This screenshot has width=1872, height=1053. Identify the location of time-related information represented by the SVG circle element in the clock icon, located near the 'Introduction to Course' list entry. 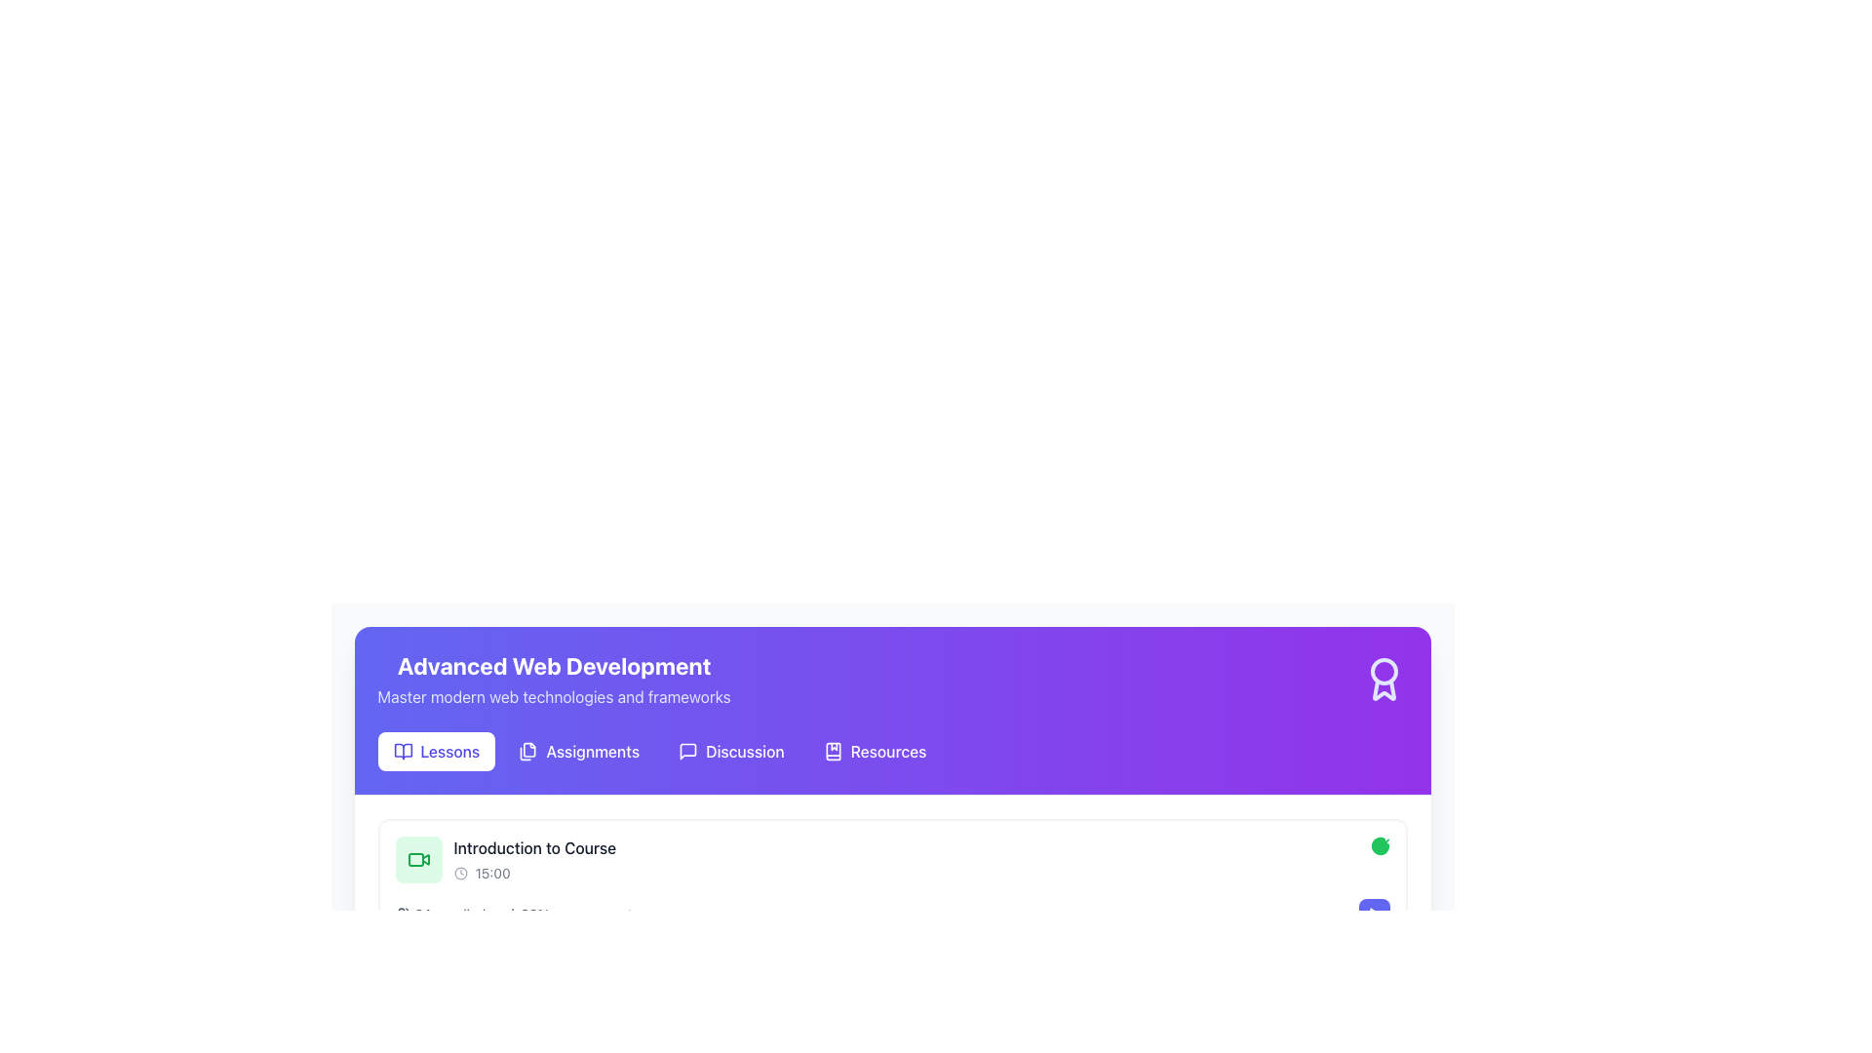
(459, 872).